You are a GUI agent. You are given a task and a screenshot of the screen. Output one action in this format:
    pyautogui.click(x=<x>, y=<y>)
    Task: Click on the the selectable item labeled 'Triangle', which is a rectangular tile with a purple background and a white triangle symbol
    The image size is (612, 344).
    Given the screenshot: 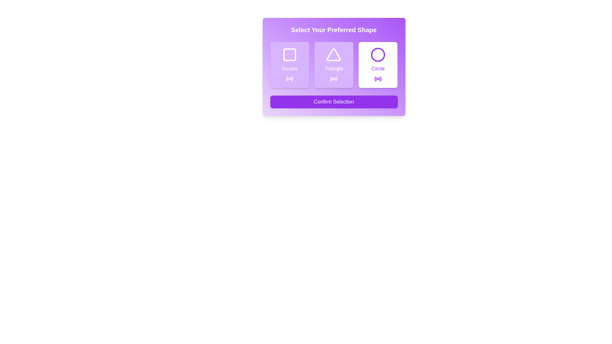 What is the action you would take?
    pyautogui.click(x=333, y=65)
    